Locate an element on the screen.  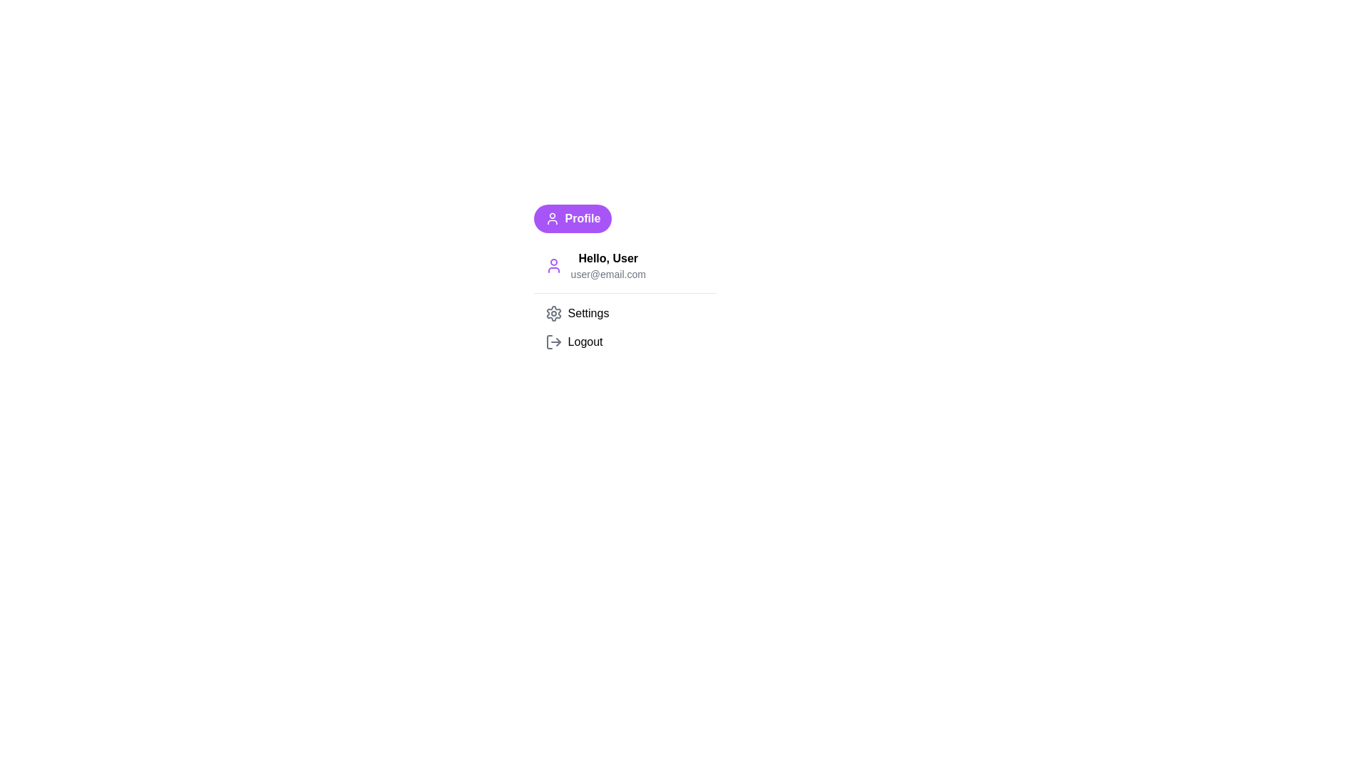
the email text 'user@email.com' is located at coordinates (608, 274).